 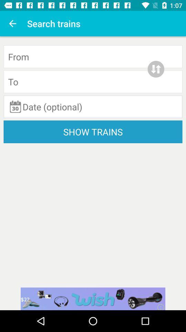 What do you see at coordinates (93, 82) in the screenshot?
I see `search train for where we go` at bounding box center [93, 82].